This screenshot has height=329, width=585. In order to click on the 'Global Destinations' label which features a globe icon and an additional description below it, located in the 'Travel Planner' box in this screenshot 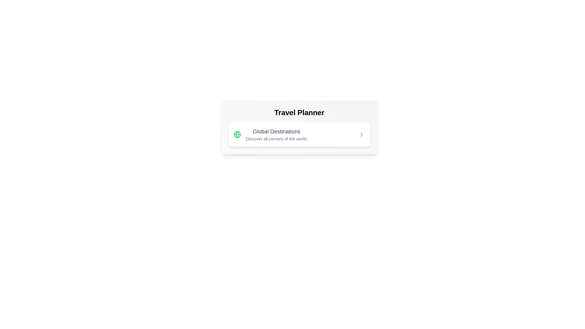, I will do `click(270, 134)`.